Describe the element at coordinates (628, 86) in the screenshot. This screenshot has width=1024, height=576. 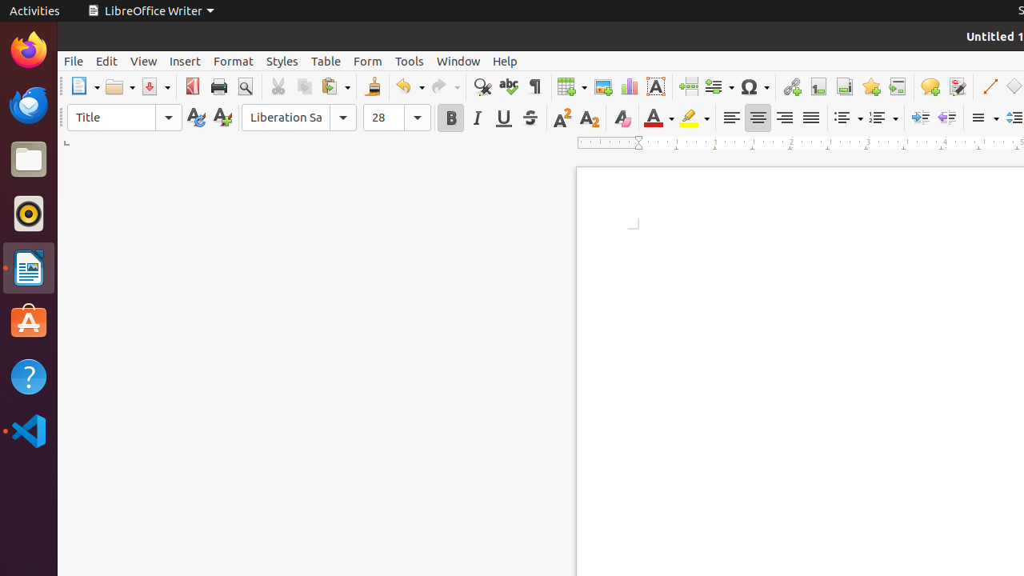
I see `'Chart'` at that location.